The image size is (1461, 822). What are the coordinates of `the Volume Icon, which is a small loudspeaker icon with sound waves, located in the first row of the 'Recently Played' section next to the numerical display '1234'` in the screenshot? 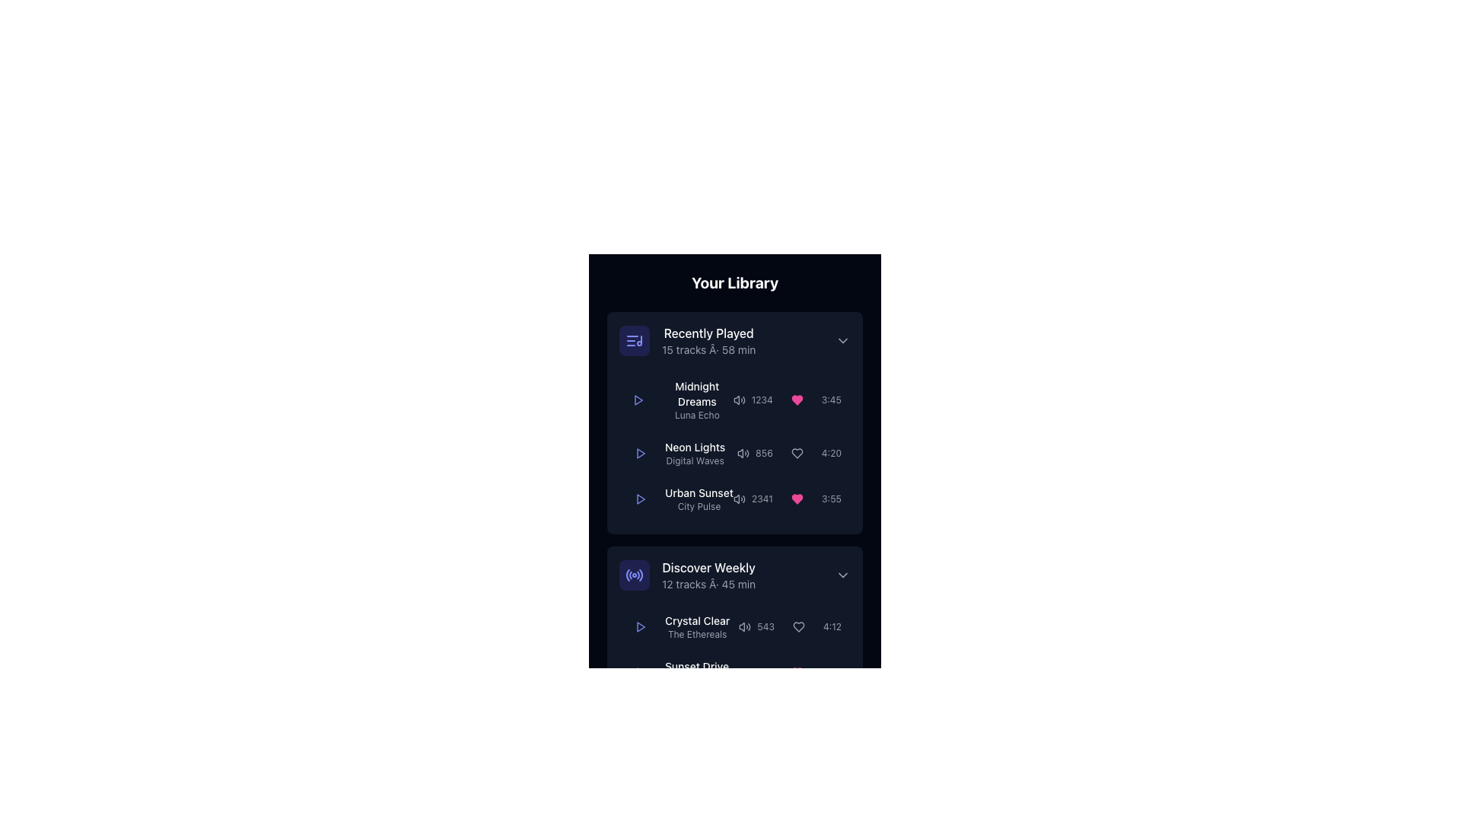 It's located at (739, 399).